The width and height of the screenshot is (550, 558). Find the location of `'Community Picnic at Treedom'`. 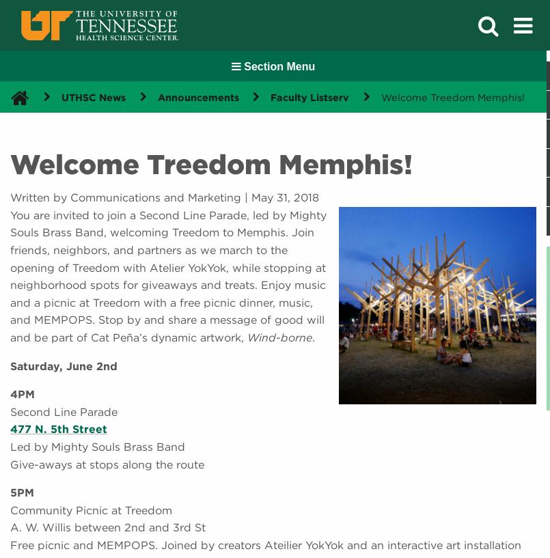

'Community Picnic at Treedom' is located at coordinates (91, 510).